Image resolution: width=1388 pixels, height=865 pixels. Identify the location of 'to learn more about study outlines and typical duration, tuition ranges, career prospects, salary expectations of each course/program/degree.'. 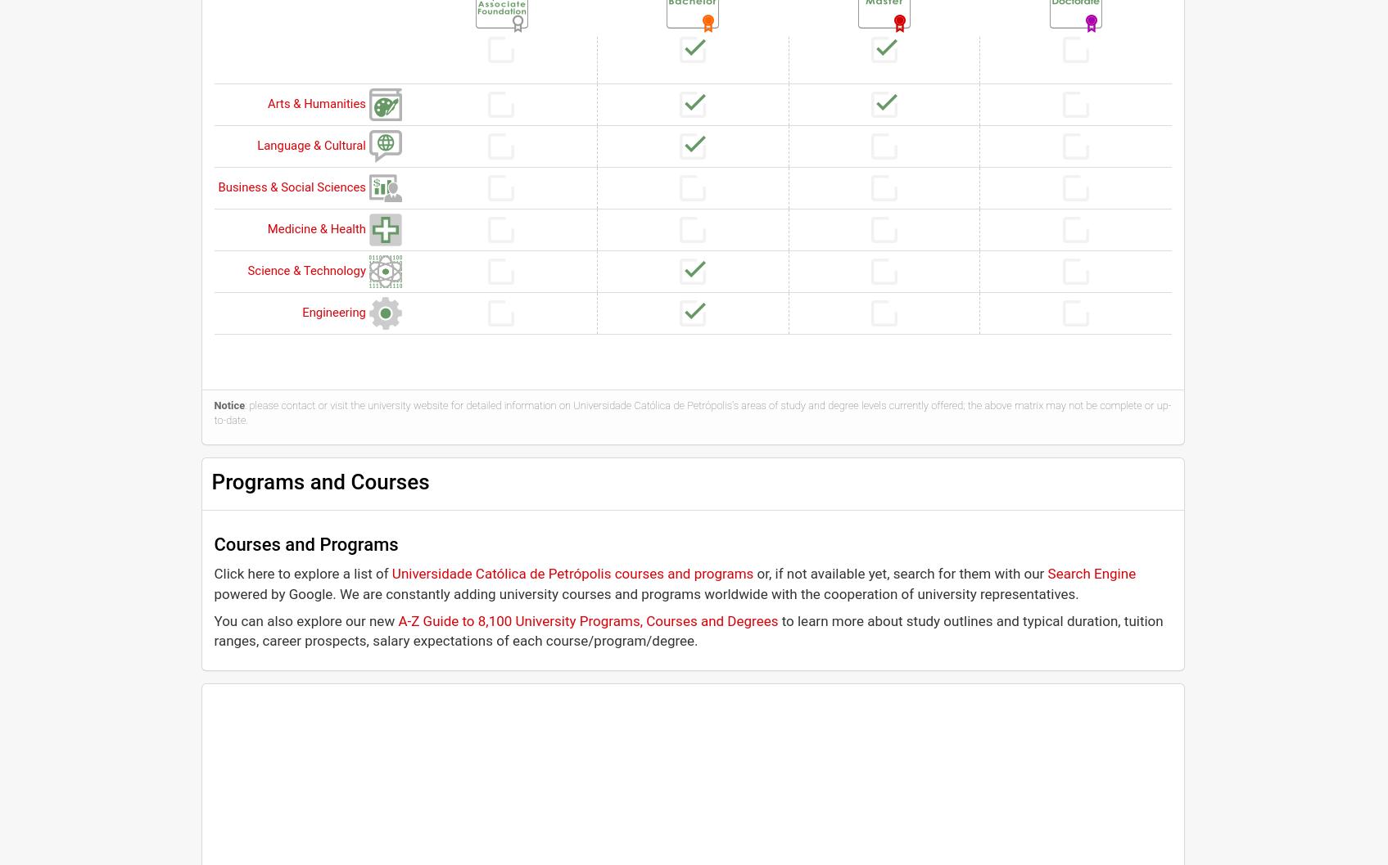
(214, 630).